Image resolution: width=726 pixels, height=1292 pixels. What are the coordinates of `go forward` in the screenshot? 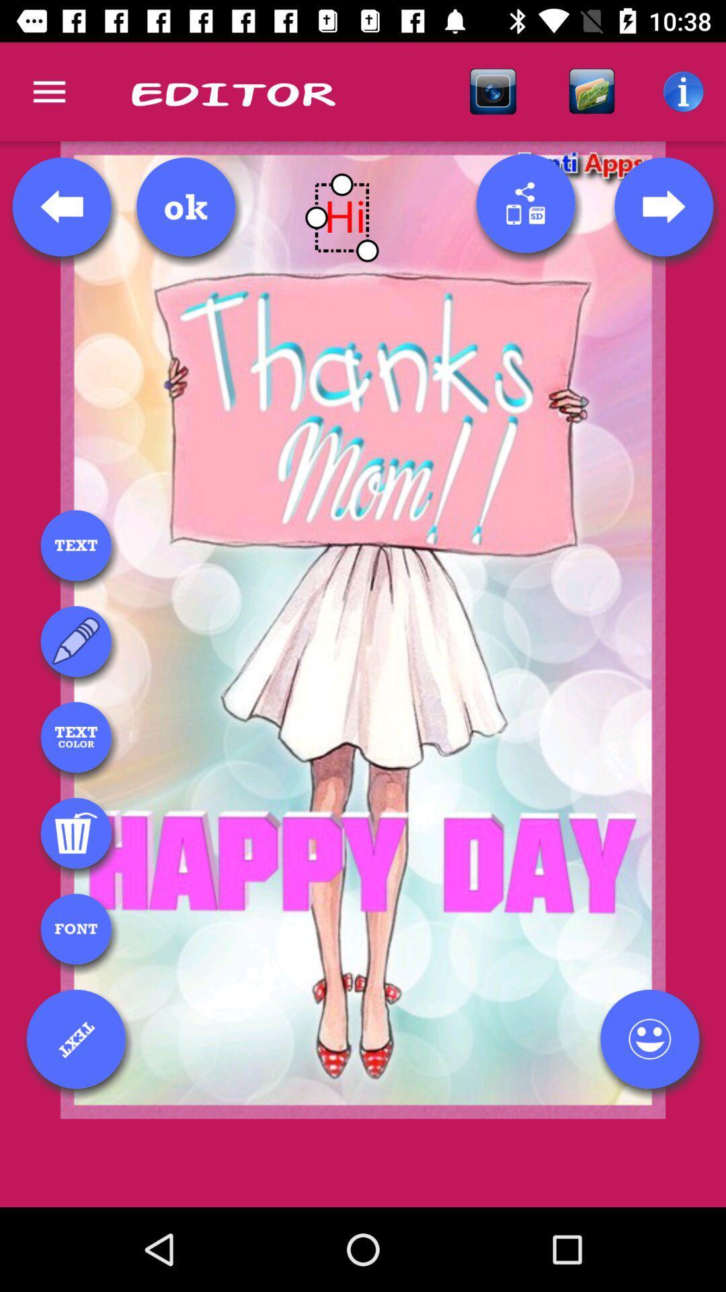 It's located at (663, 206).